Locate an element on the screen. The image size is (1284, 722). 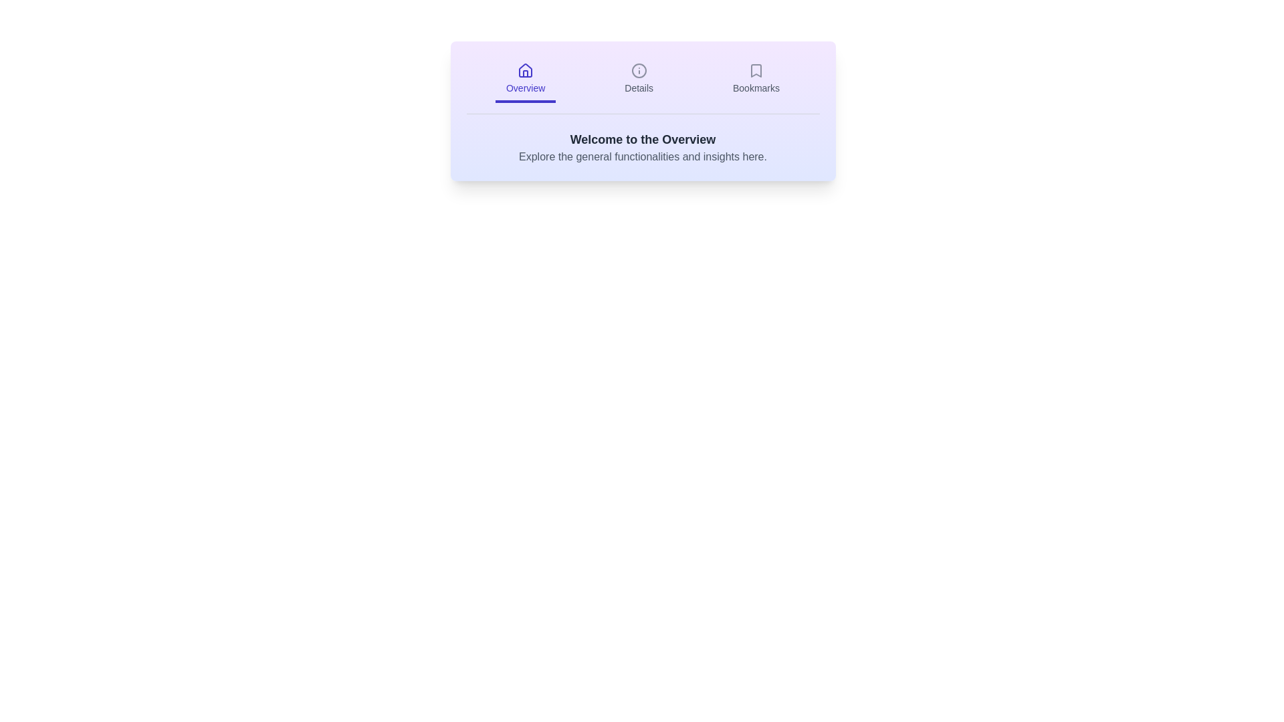
the heading text element that introduces the content area with a welcoming phrase, located at the upper portion of the card section is located at coordinates (643, 139).